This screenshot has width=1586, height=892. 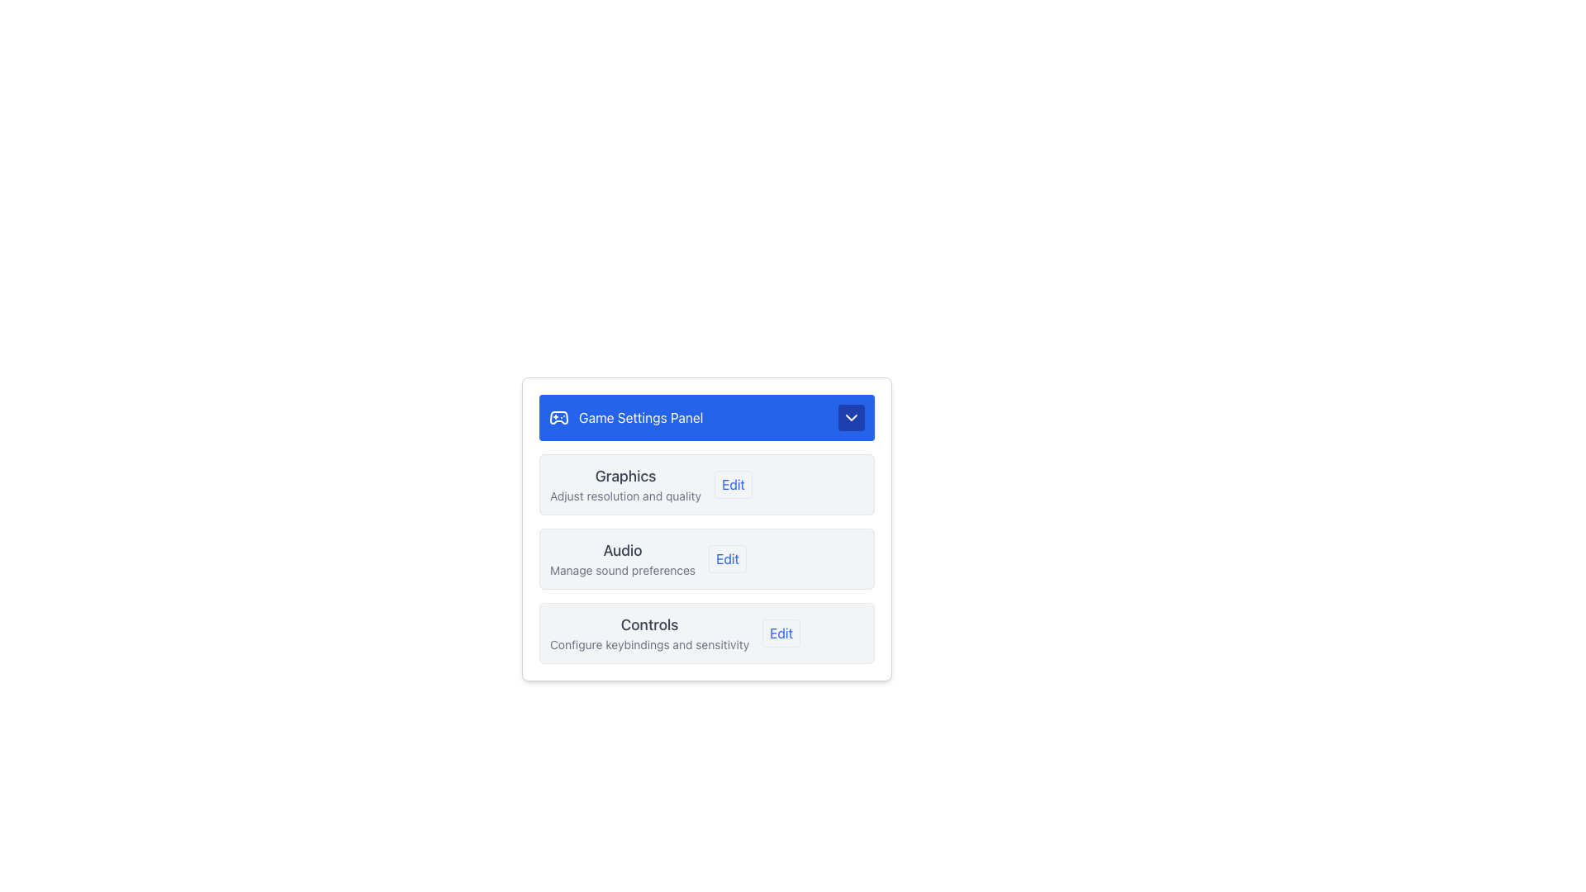 What do you see at coordinates (706, 558) in the screenshot?
I see `the 'Edit' button in the Categorized settings list for modifying settings related to Graphics, Audio, or Controls` at bounding box center [706, 558].